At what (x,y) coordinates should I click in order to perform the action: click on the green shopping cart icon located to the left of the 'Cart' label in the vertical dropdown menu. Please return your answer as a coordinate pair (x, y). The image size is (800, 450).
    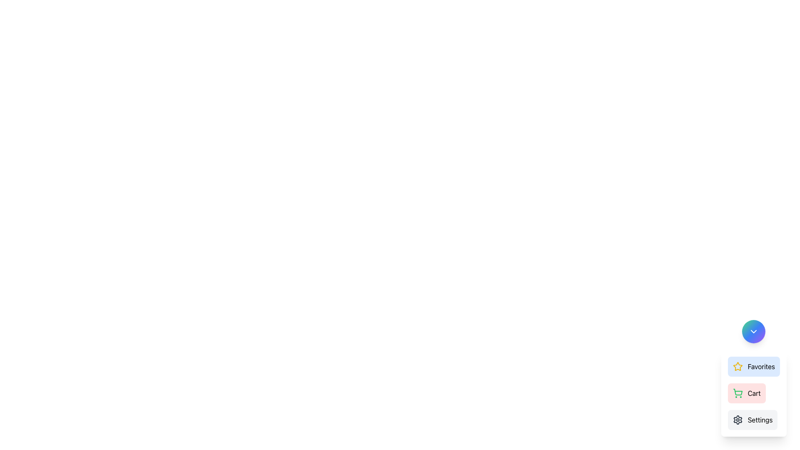
    Looking at the image, I should click on (737, 393).